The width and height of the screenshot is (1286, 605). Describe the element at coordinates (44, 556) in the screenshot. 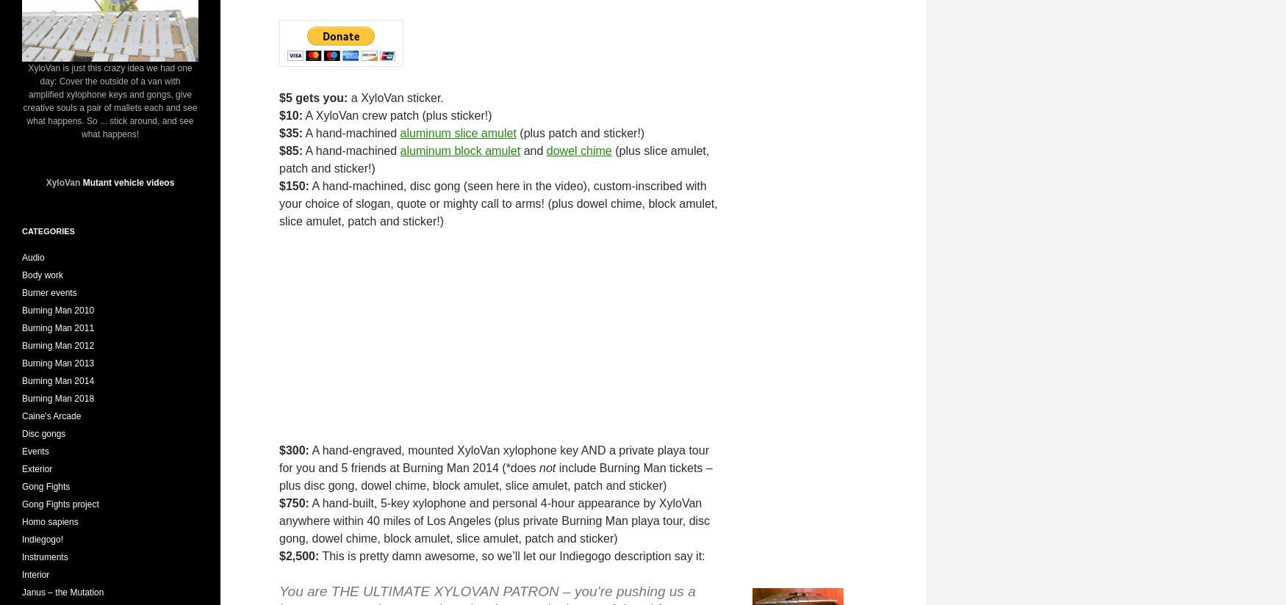

I see `'Instruments'` at that location.